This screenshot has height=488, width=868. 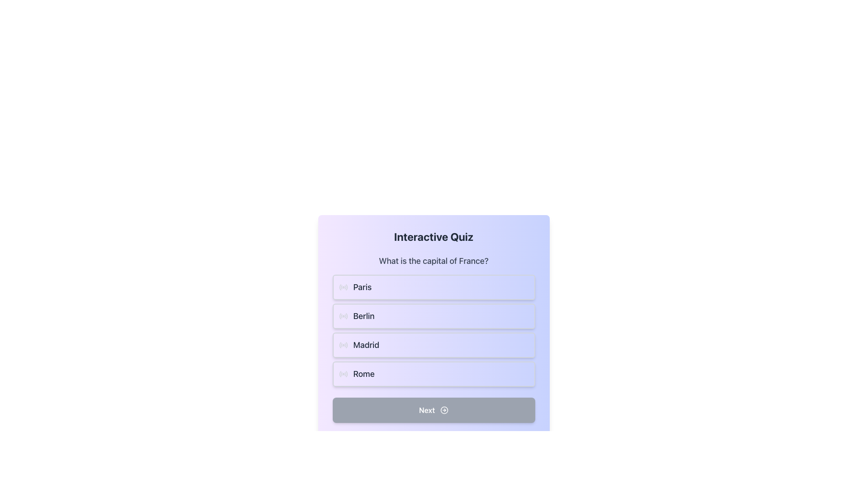 What do you see at coordinates (433, 287) in the screenshot?
I see `the button labeled 'Paris'` at bounding box center [433, 287].